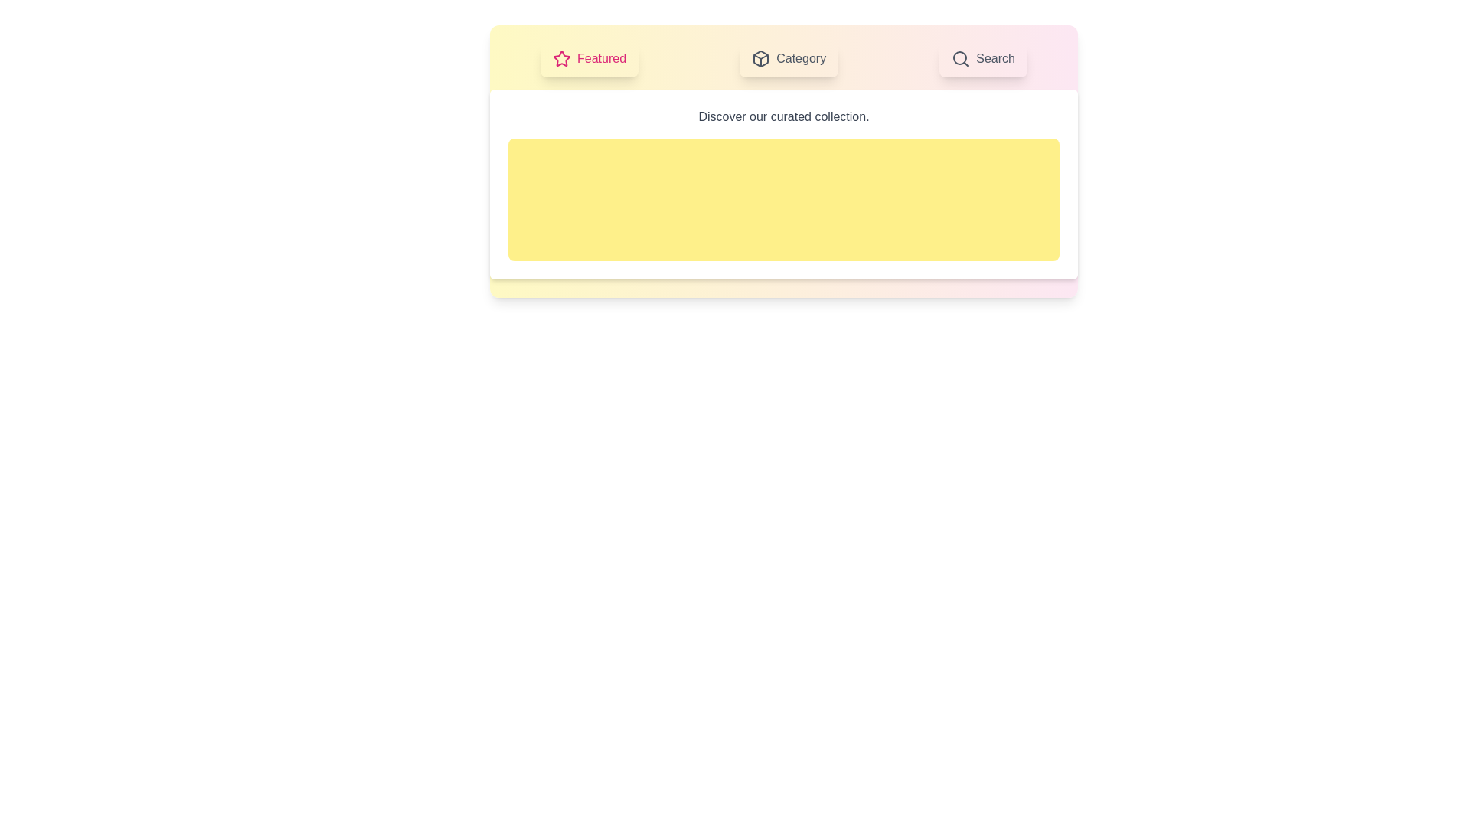 This screenshot has width=1470, height=827. Describe the element at coordinates (588, 59) in the screenshot. I see `the Featured tab` at that location.